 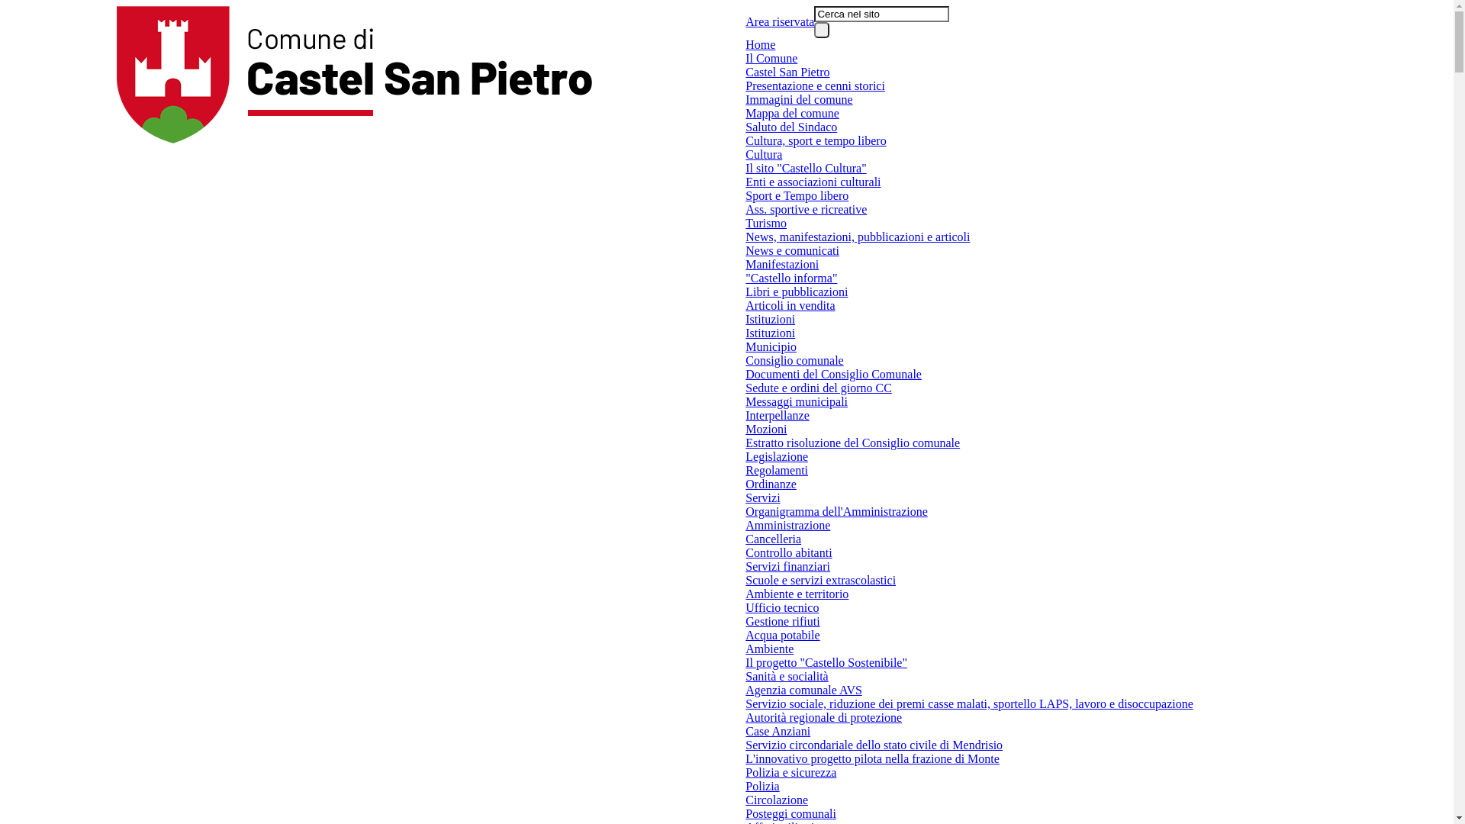 I want to click on 'Amministrazione', so click(x=787, y=525).